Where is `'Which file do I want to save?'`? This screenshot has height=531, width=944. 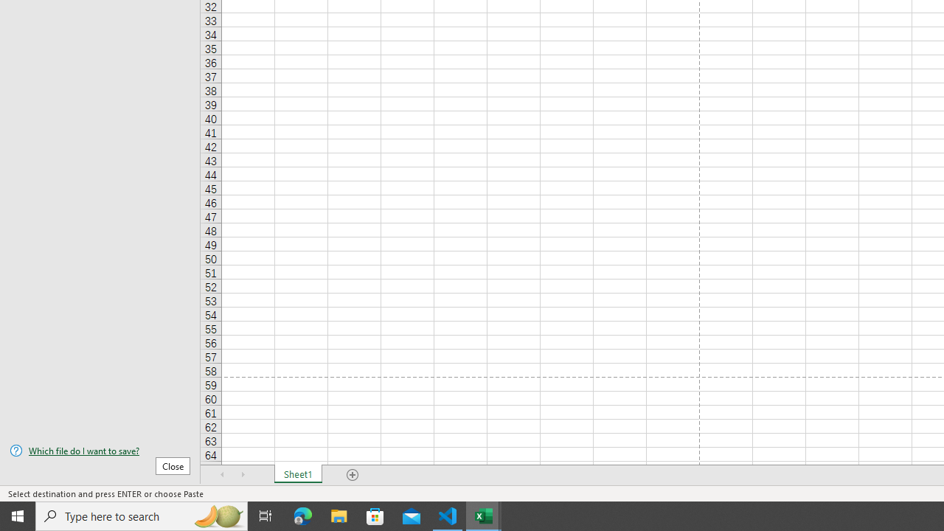 'Which file do I want to save?' is located at coordinates (100, 450).